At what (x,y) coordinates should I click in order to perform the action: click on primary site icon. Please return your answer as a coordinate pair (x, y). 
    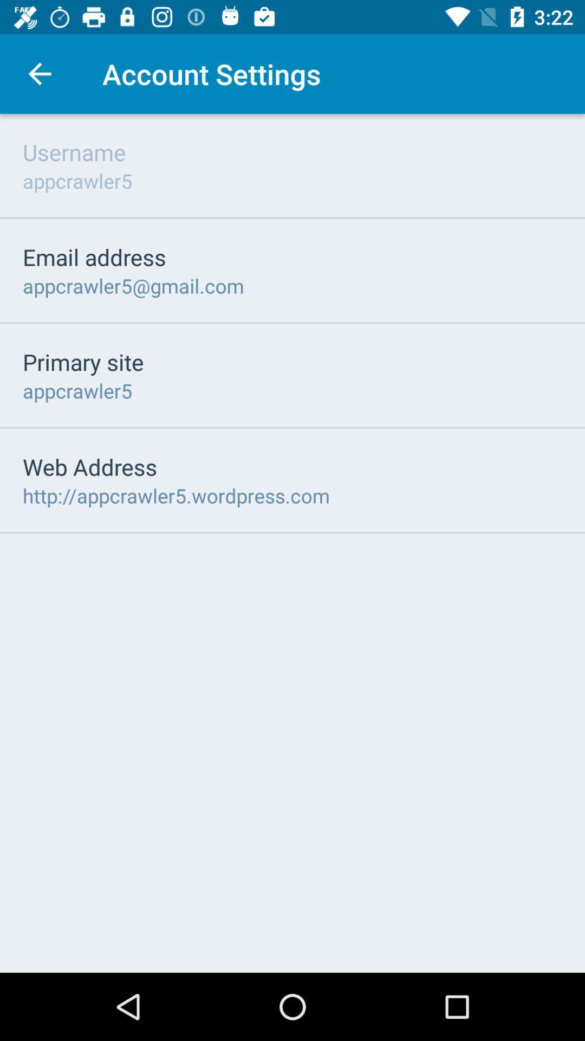
    Looking at the image, I should click on (82, 362).